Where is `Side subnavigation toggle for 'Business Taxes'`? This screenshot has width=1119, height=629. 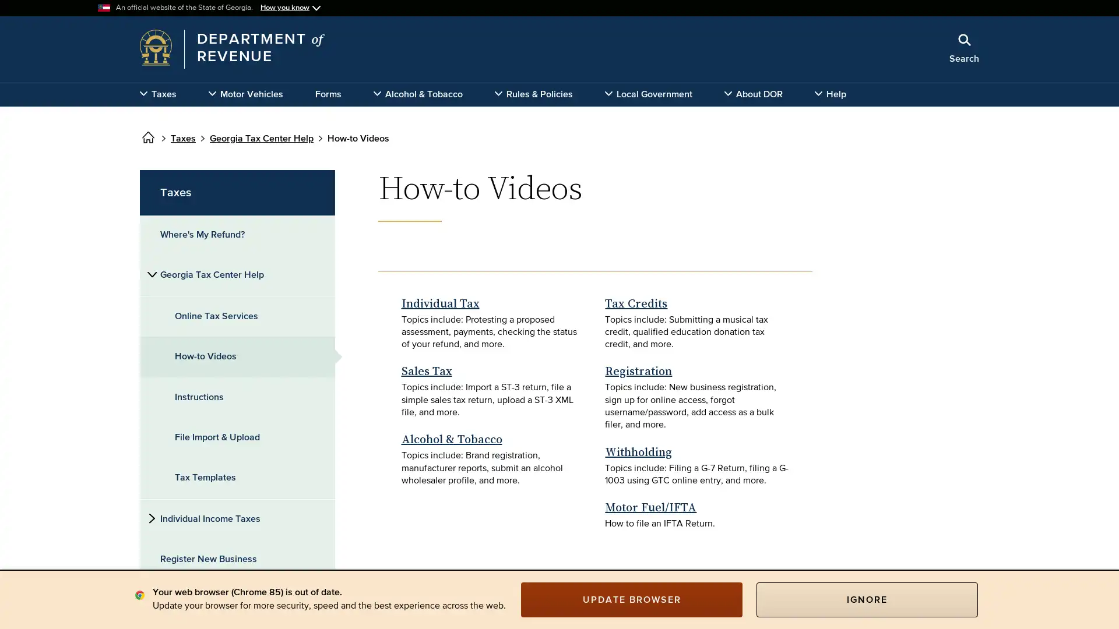 Side subnavigation toggle for 'Business Taxes' is located at coordinates (151, 601).